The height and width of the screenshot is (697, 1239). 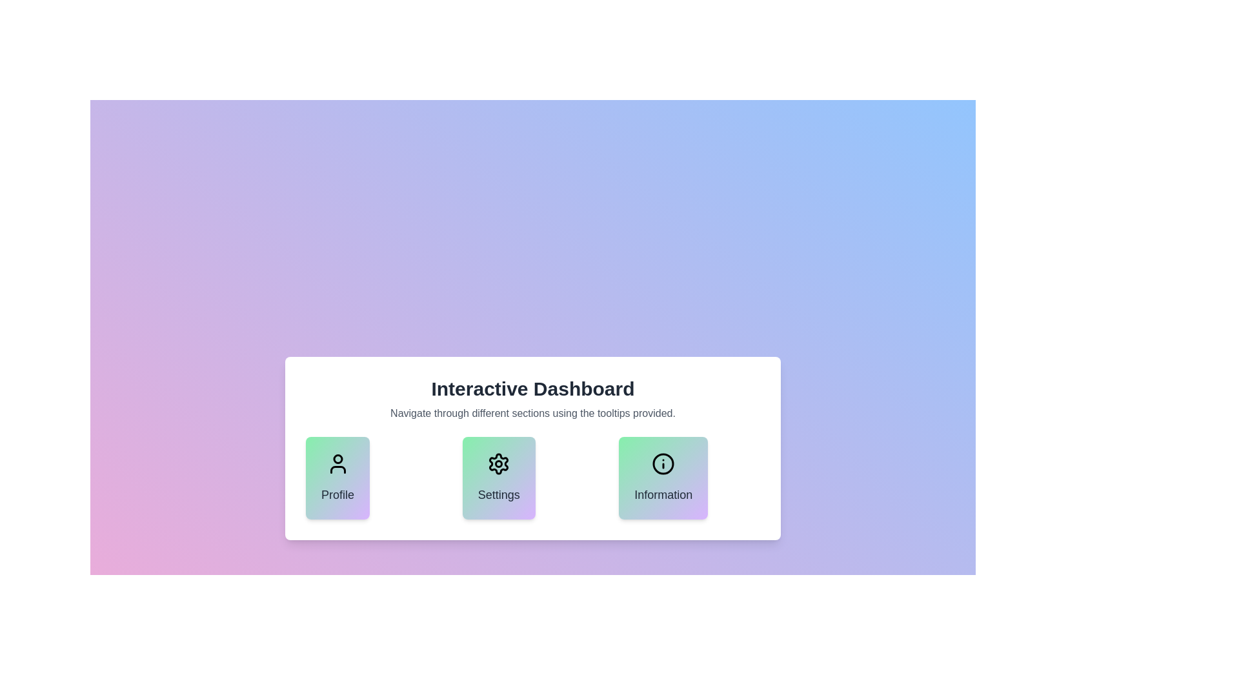 What do you see at coordinates (532, 388) in the screenshot?
I see `the static text label or heading that serves as the title or heading for the associated section, located at the center of the viewport above additional instructions` at bounding box center [532, 388].